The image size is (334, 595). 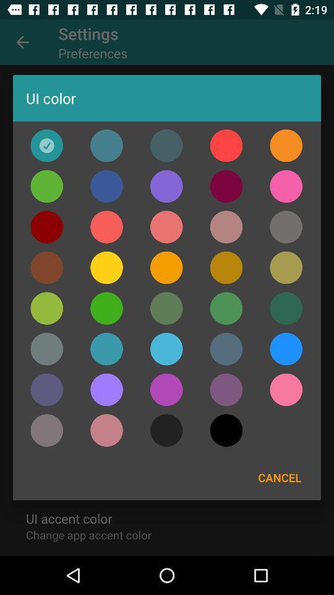 What do you see at coordinates (226, 146) in the screenshot?
I see `color selection` at bounding box center [226, 146].